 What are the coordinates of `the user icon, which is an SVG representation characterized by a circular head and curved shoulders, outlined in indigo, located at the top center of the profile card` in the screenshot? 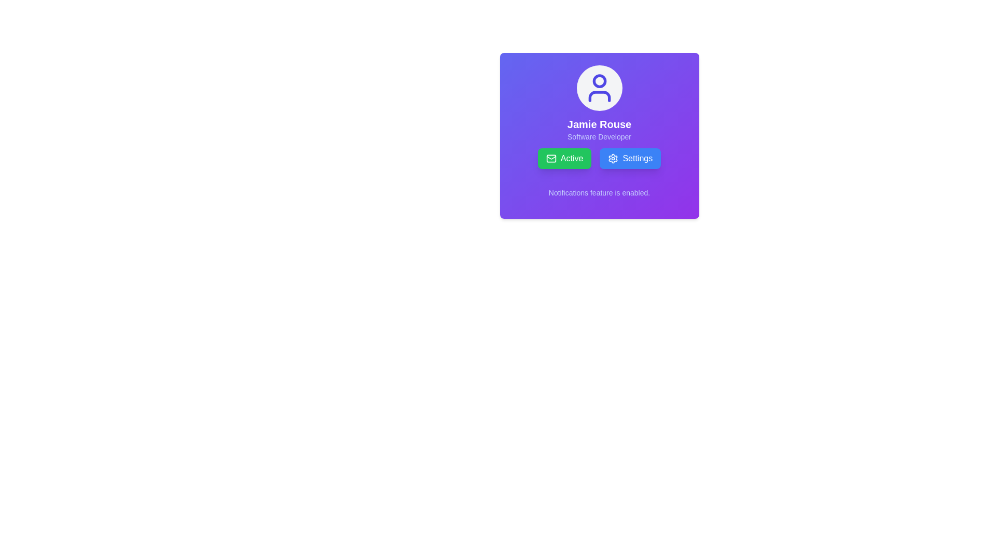 It's located at (599, 87).